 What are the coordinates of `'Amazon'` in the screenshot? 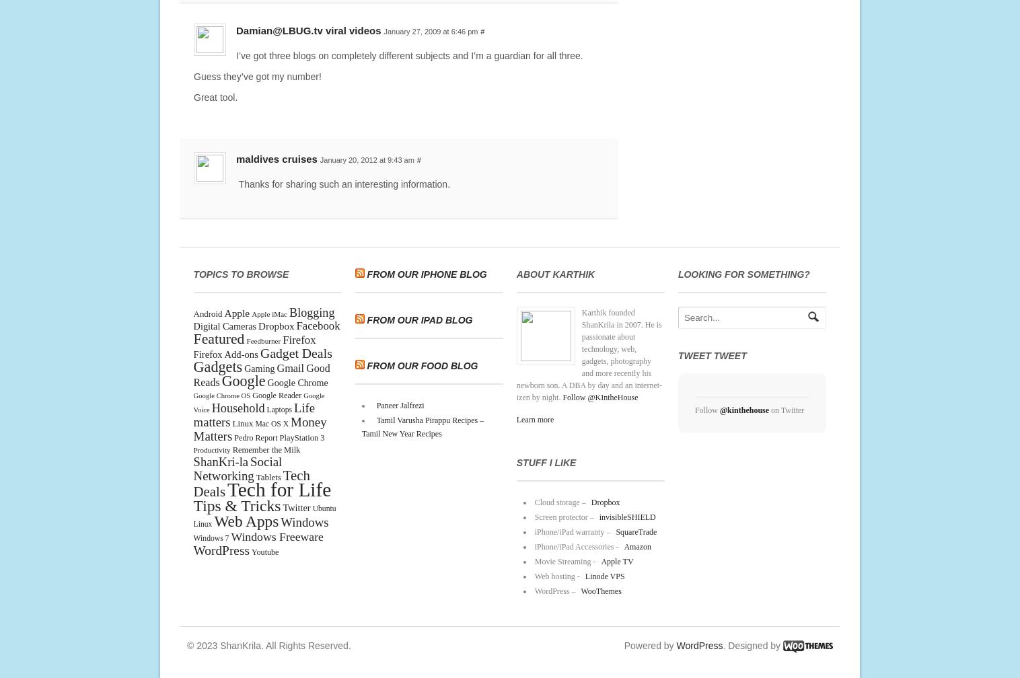 It's located at (636, 546).